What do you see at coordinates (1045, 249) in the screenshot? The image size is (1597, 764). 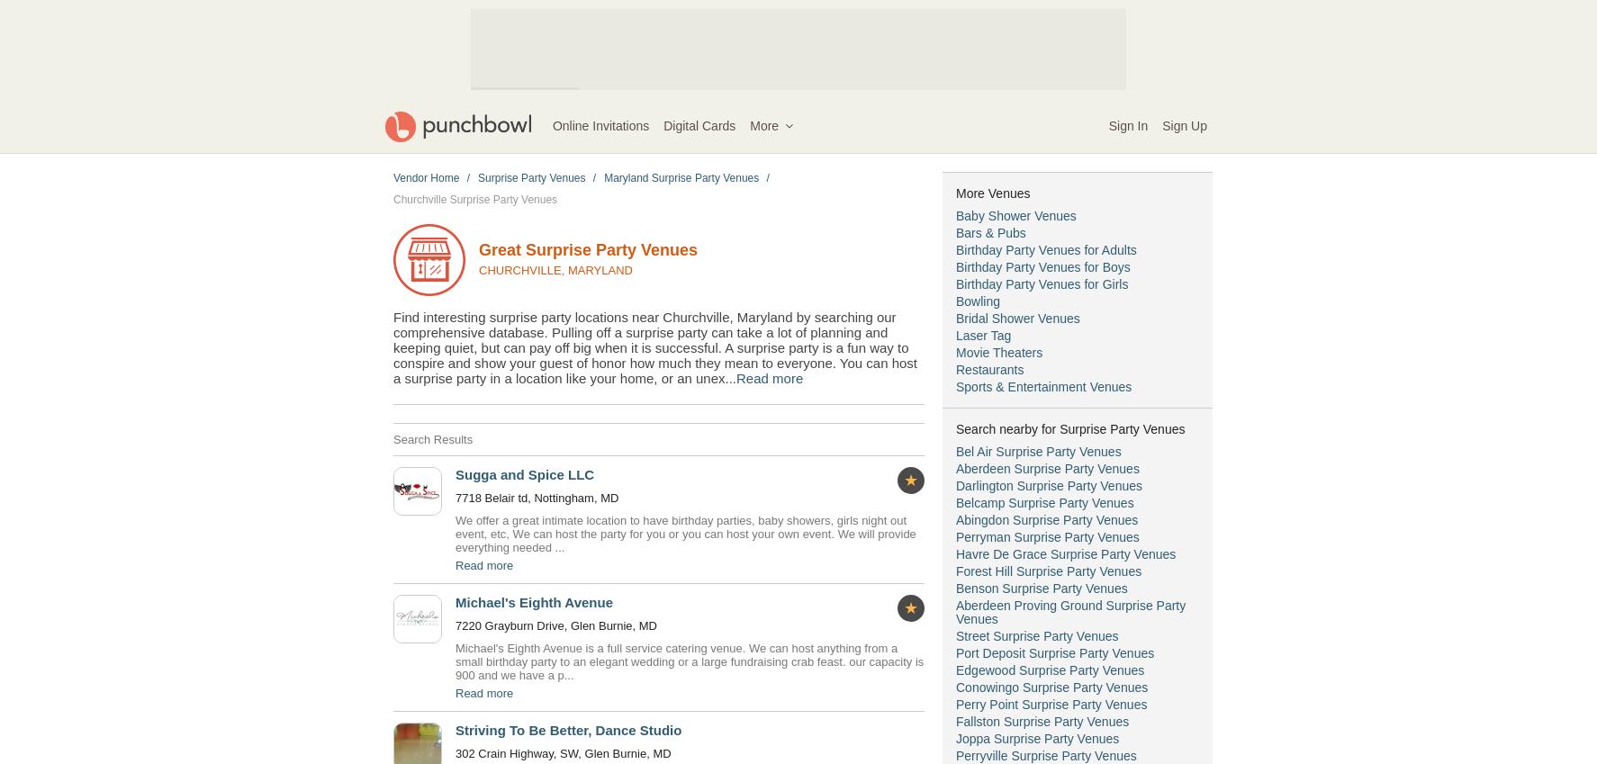 I see `'Birthday Party Venues for Adults'` at bounding box center [1045, 249].